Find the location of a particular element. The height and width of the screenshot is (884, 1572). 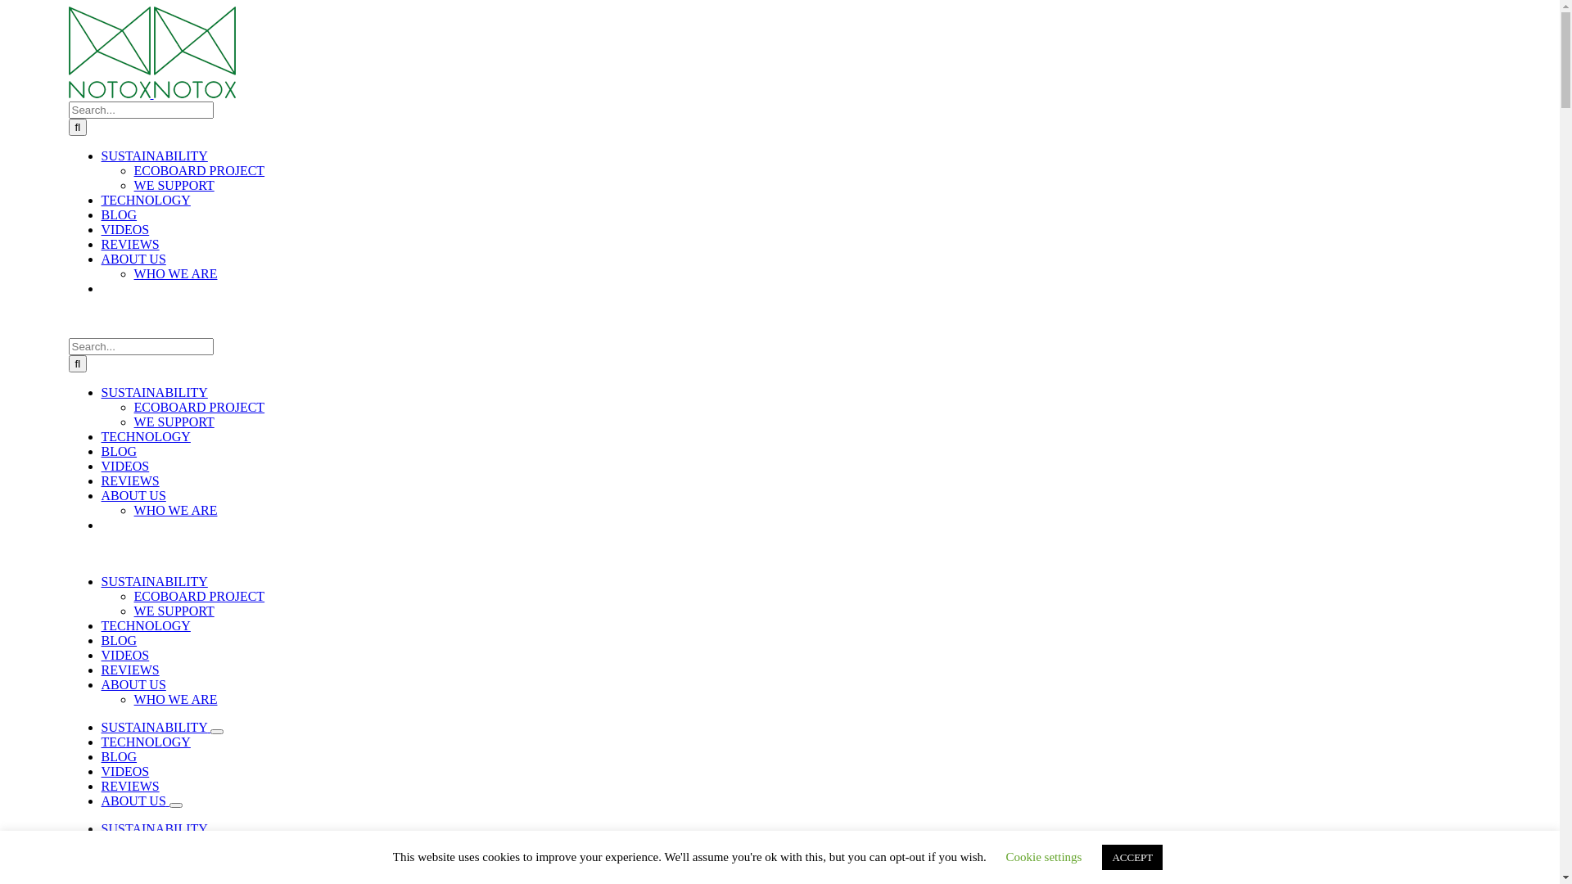

'SUSTAINABILITY' is located at coordinates (154, 156).